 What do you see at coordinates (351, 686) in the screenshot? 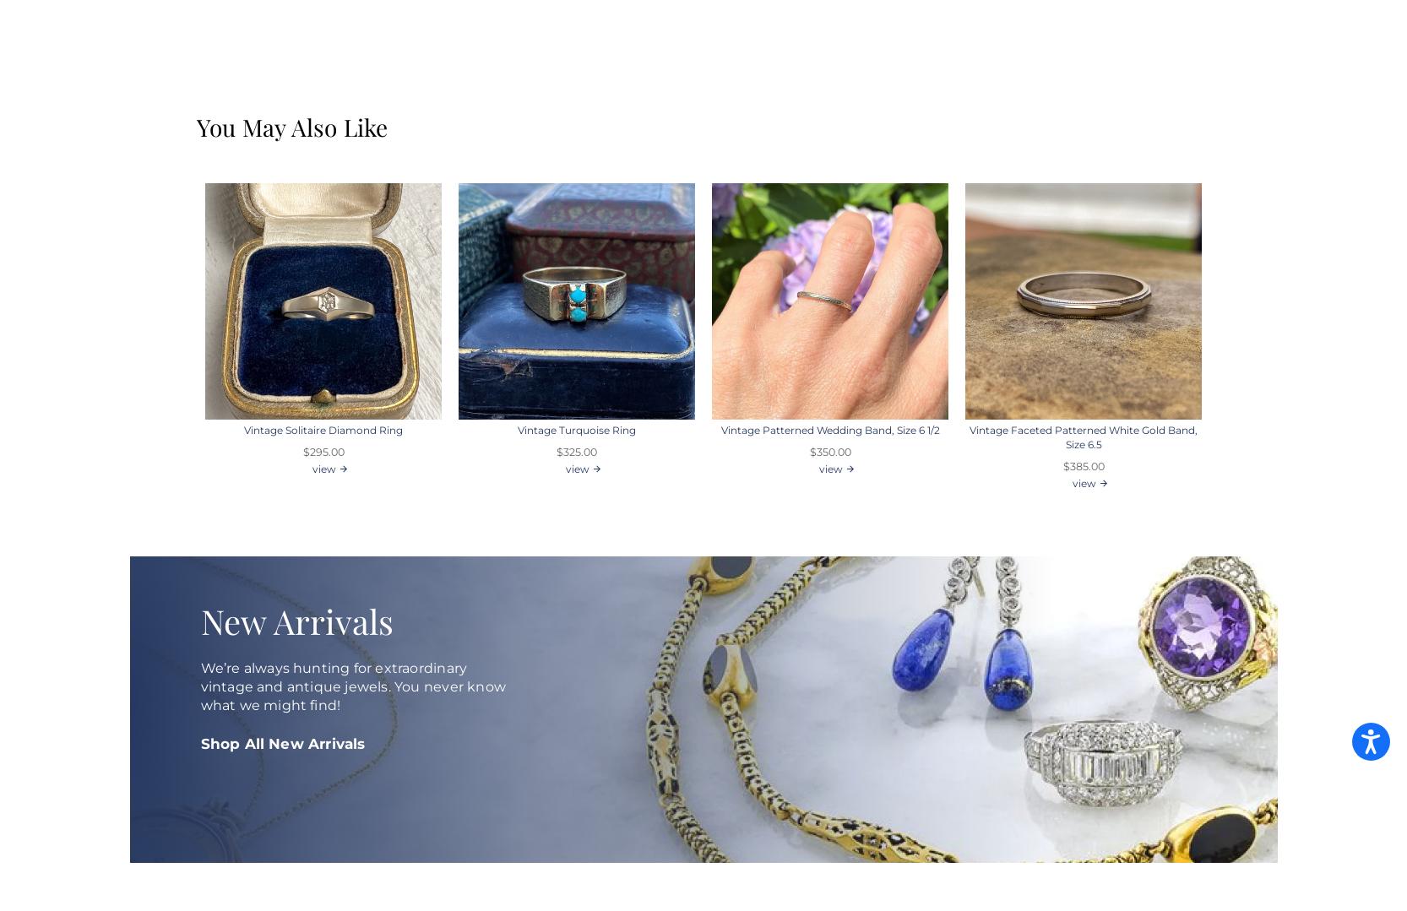
I see `'We’re always hunting for extraordinary vintage and antique jewels. You never know what we might find!'` at bounding box center [351, 686].